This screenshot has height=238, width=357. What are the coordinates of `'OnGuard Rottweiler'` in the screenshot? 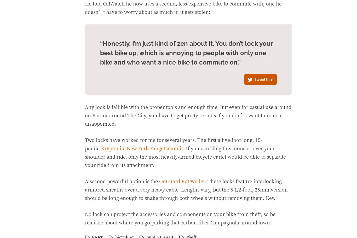 It's located at (182, 181).